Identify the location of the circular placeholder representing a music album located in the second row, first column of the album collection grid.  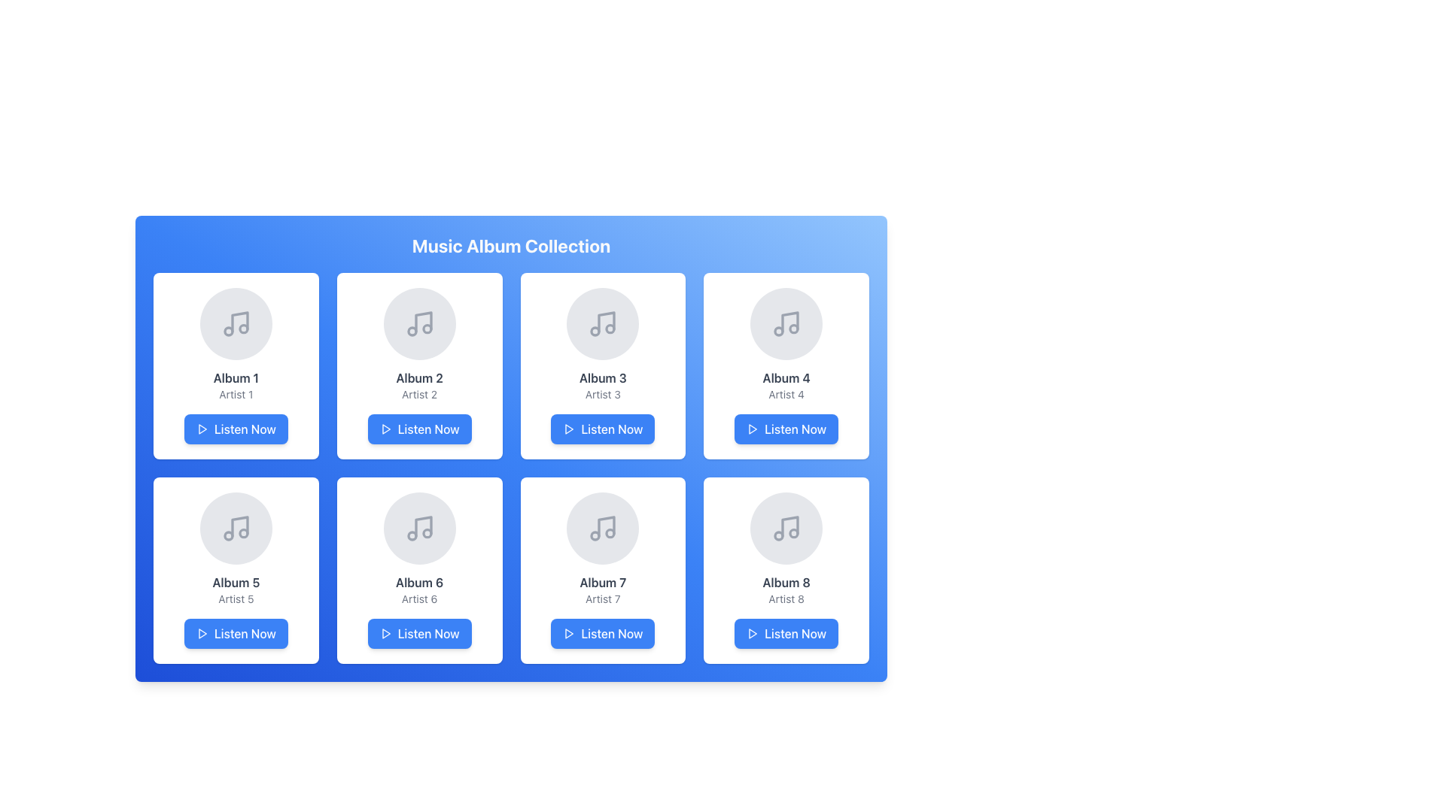
(235, 527).